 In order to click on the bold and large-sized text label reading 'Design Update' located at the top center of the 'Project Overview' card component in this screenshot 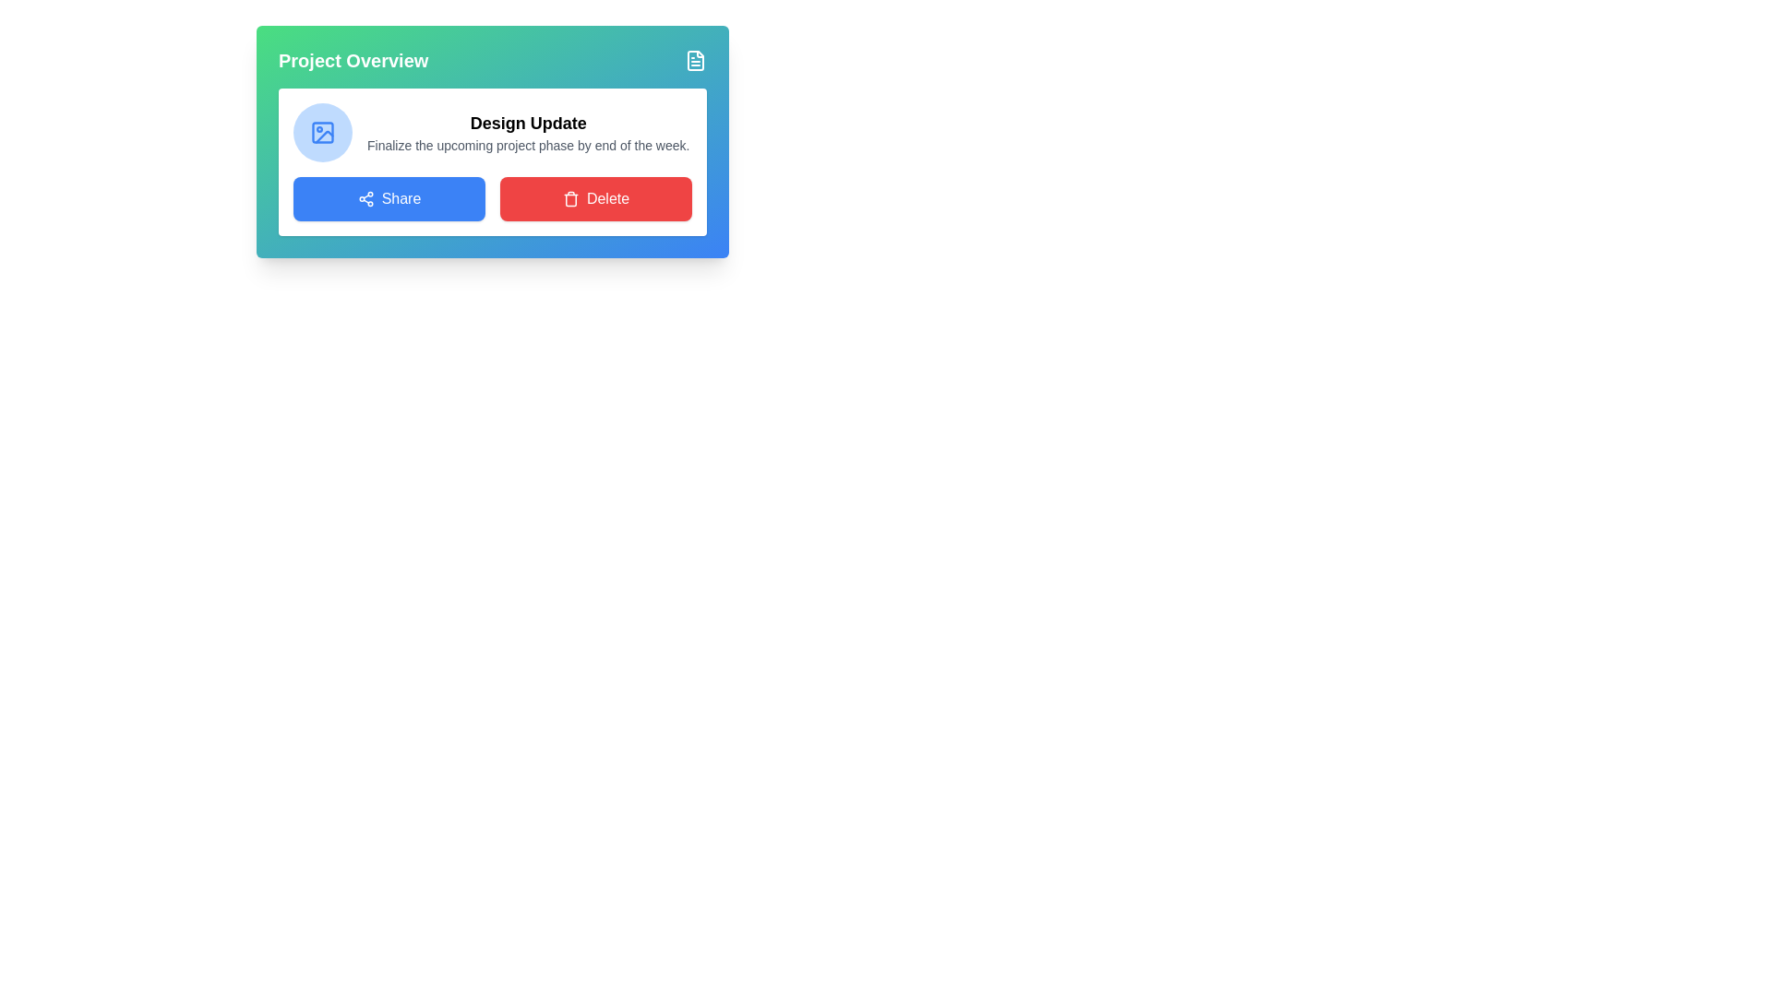, I will do `click(527, 124)`.